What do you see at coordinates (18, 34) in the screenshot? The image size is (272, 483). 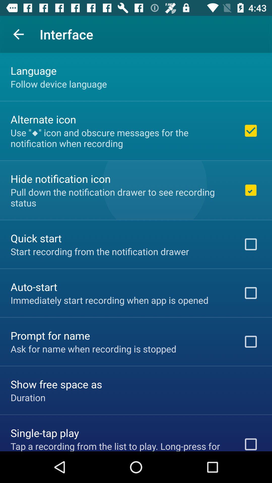 I see `the icon above the language item` at bounding box center [18, 34].